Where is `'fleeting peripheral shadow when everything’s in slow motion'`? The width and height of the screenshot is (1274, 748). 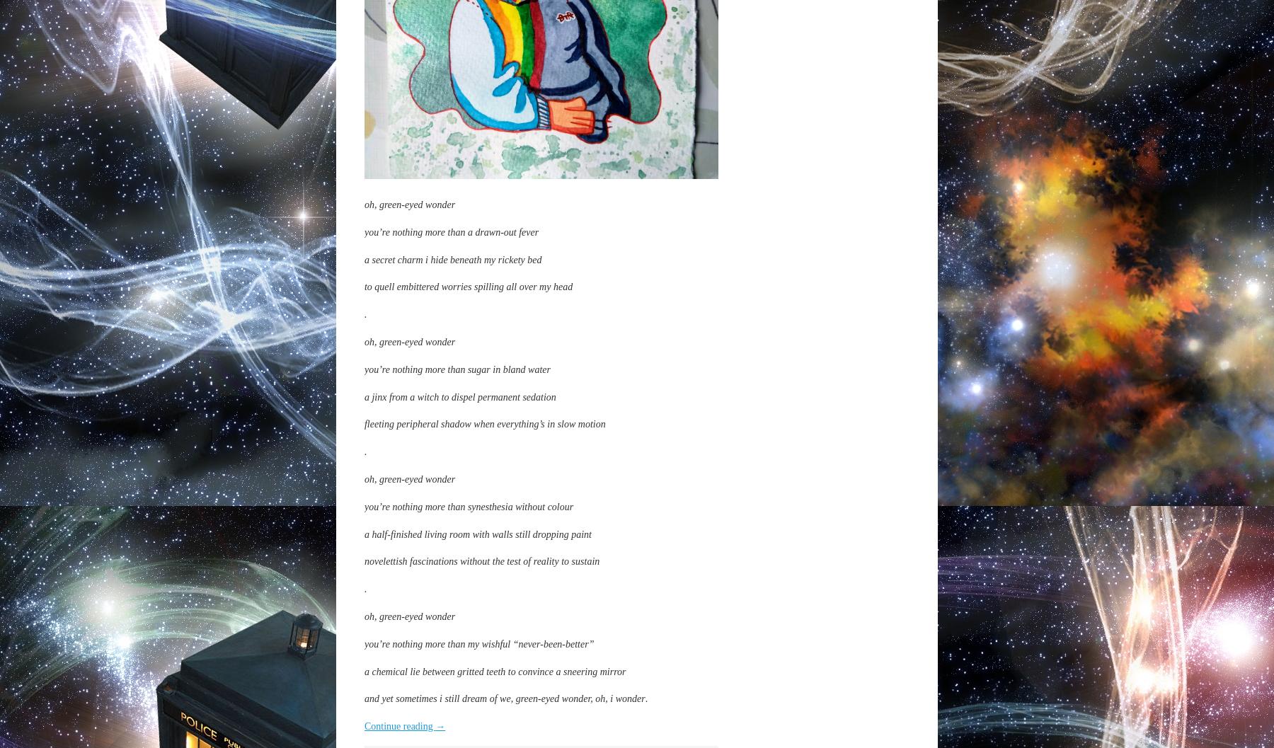
'fleeting peripheral shadow when everything’s in slow motion' is located at coordinates (363, 423).